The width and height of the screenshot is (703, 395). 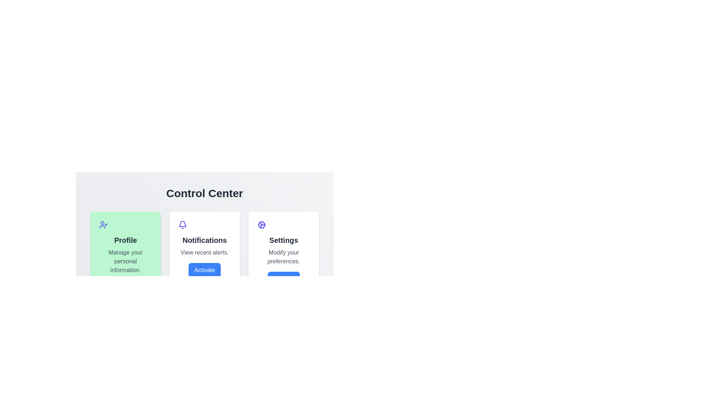 What do you see at coordinates (204, 257) in the screenshot?
I see `the 'Notifications' content card with the 'Activate' button, which is the second card in a row of three, positioned between 'Profile' and 'Settings'` at bounding box center [204, 257].